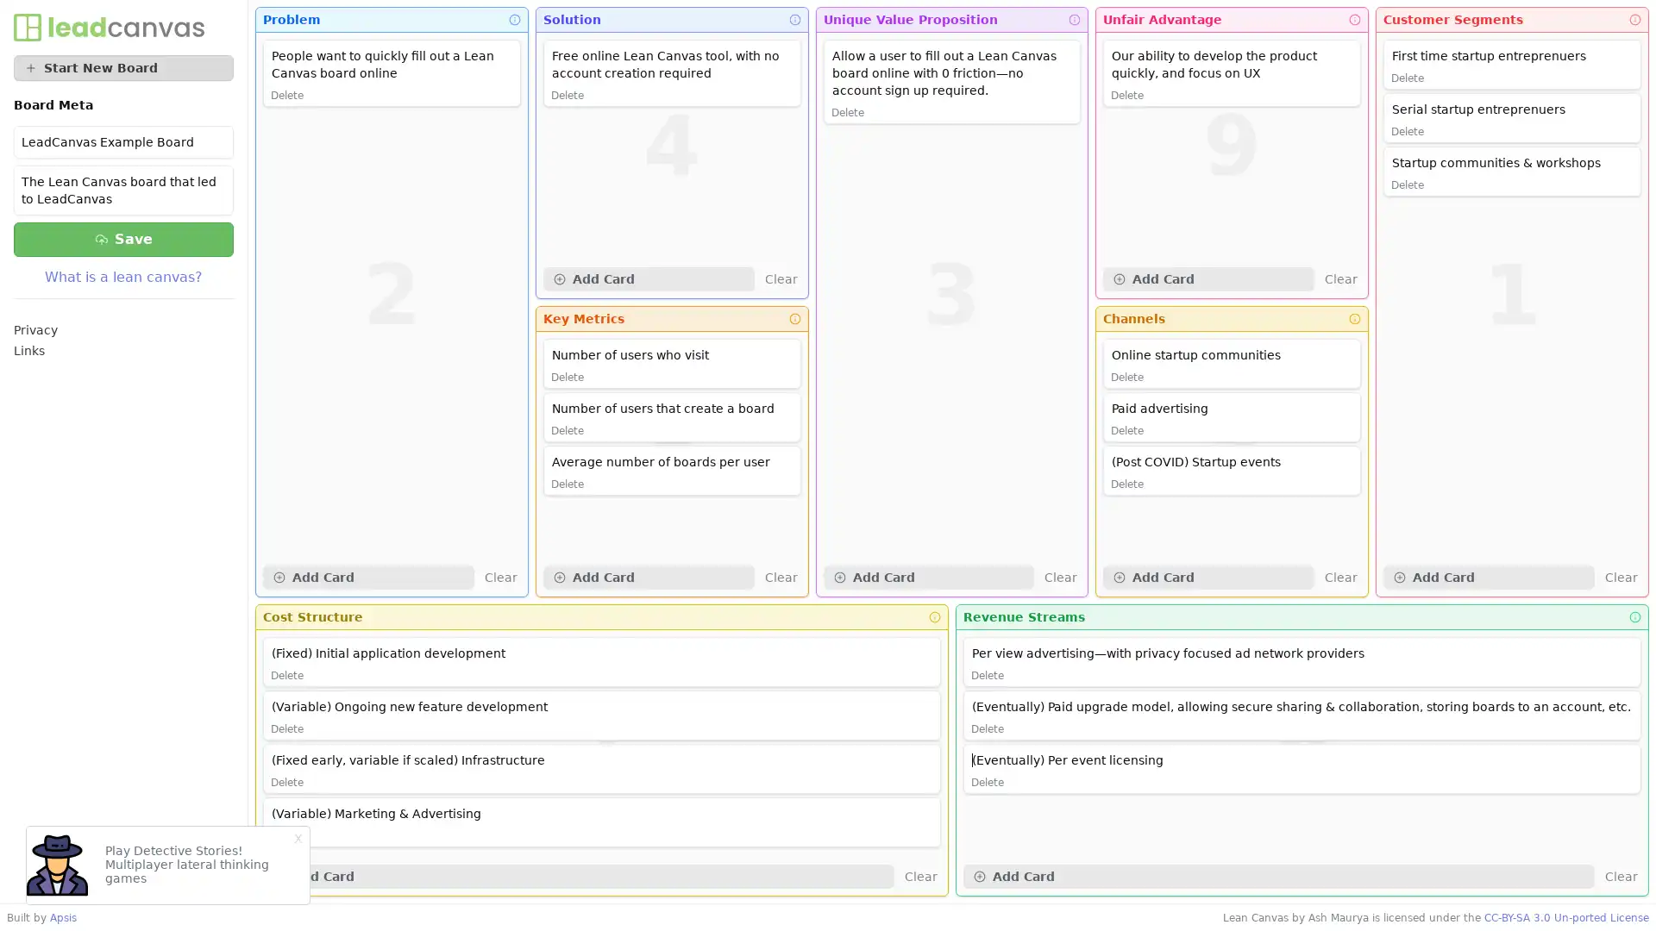  I want to click on Add Card, so click(1207, 578).